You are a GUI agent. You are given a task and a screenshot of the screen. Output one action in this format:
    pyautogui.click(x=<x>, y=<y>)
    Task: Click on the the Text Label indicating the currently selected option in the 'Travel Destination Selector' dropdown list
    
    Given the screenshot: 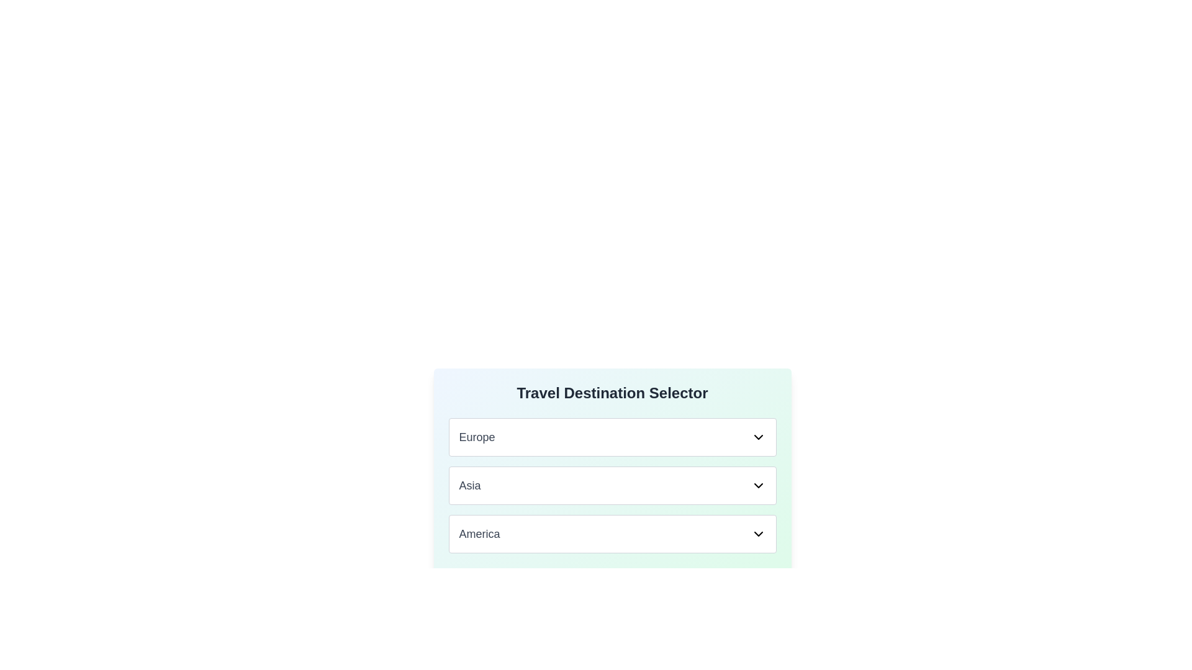 What is the action you would take?
    pyautogui.click(x=476, y=437)
    